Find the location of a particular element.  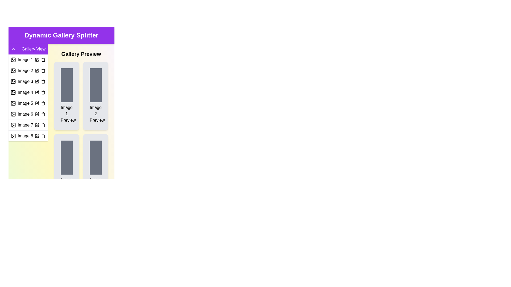

the trash icon button, which is a gray icon shaped like a trash bin located to the right of the 'Image 1' label in the left panel of the application interface is located at coordinates (43, 60).